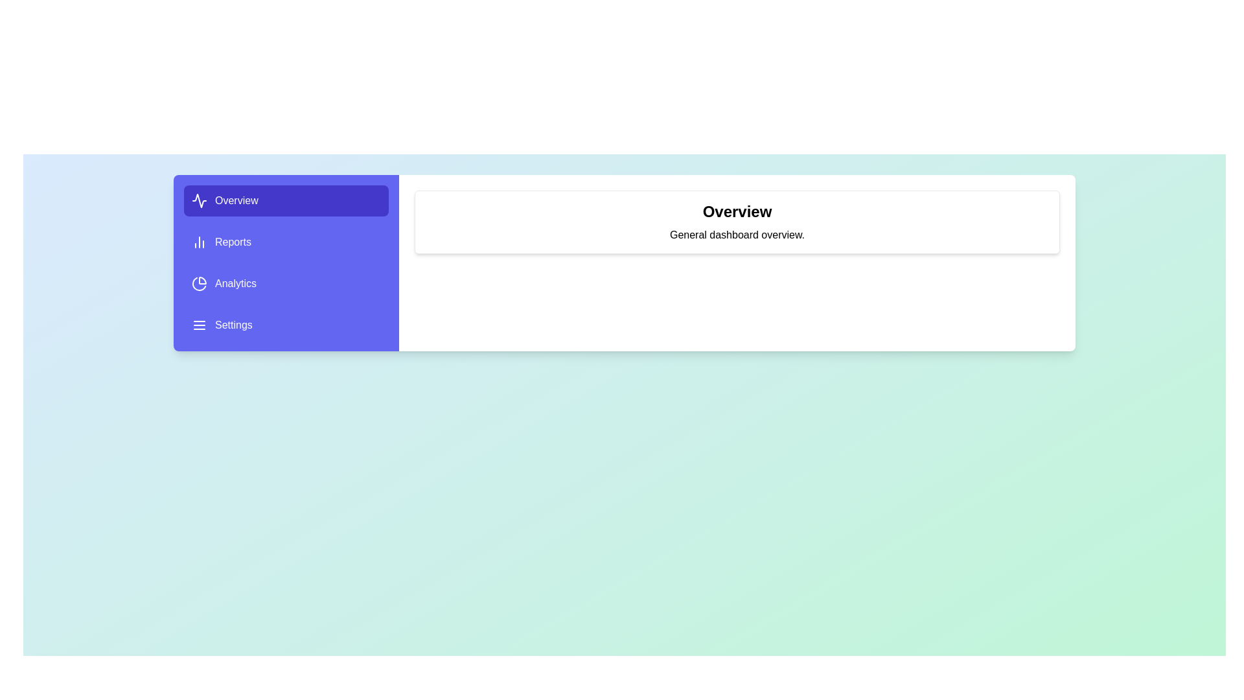  What do you see at coordinates (285, 200) in the screenshot?
I see `the menu item labeled Overview` at bounding box center [285, 200].